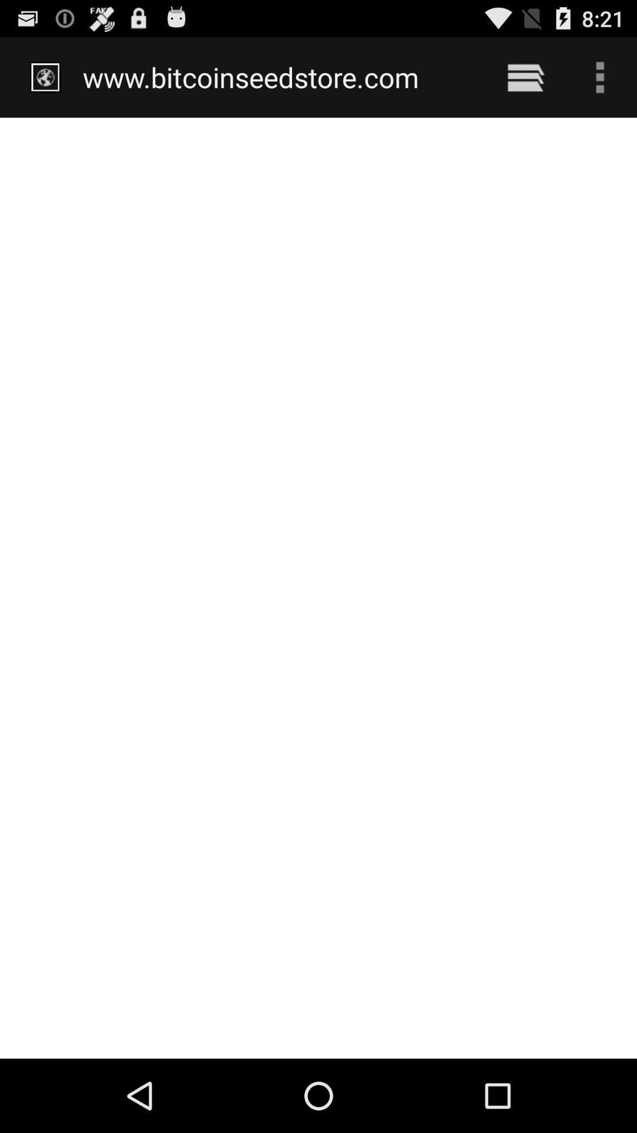 The width and height of the screenshot is (637, 1133). I want to click on the item below the www.bitcoinseedstore.com, so click(318, 588).